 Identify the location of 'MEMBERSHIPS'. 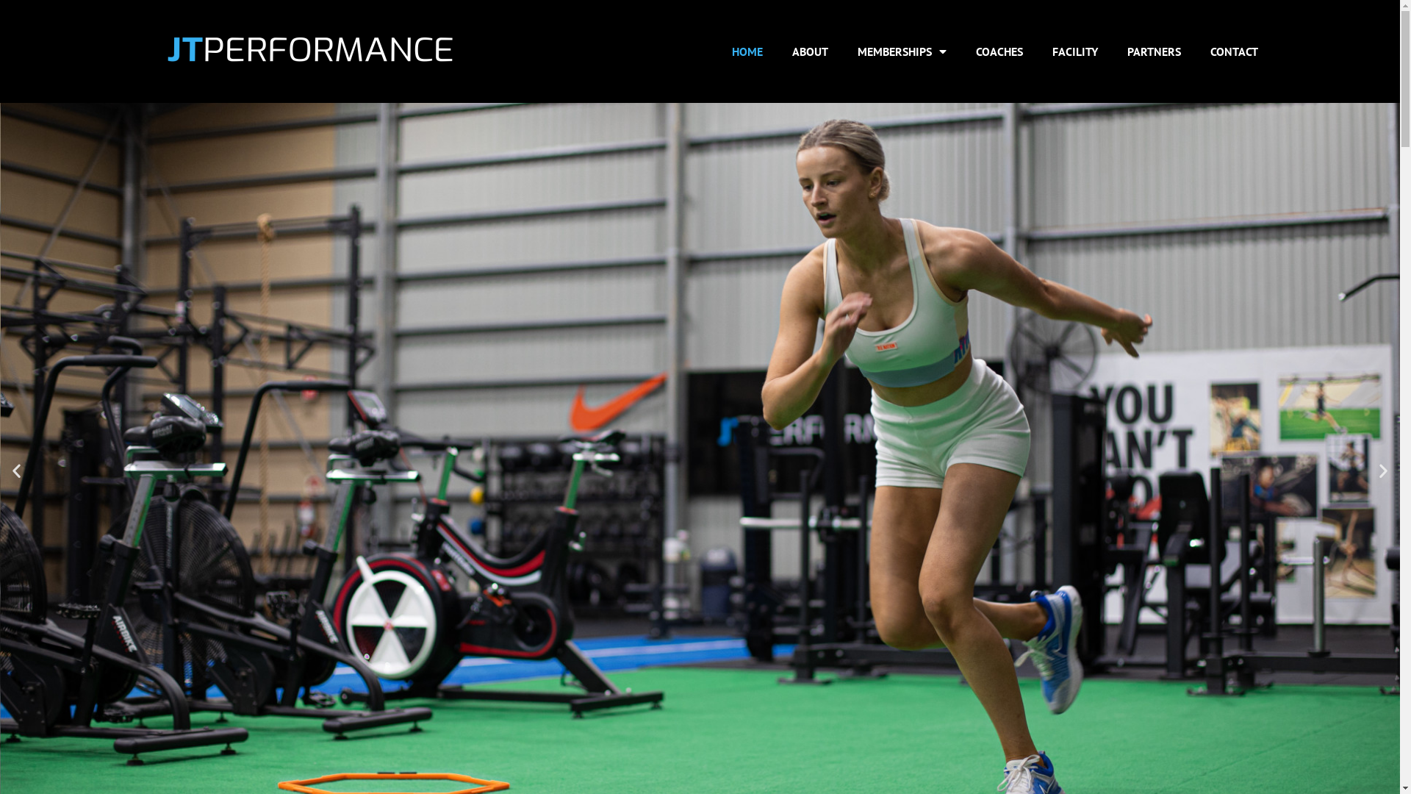
(901, 50).